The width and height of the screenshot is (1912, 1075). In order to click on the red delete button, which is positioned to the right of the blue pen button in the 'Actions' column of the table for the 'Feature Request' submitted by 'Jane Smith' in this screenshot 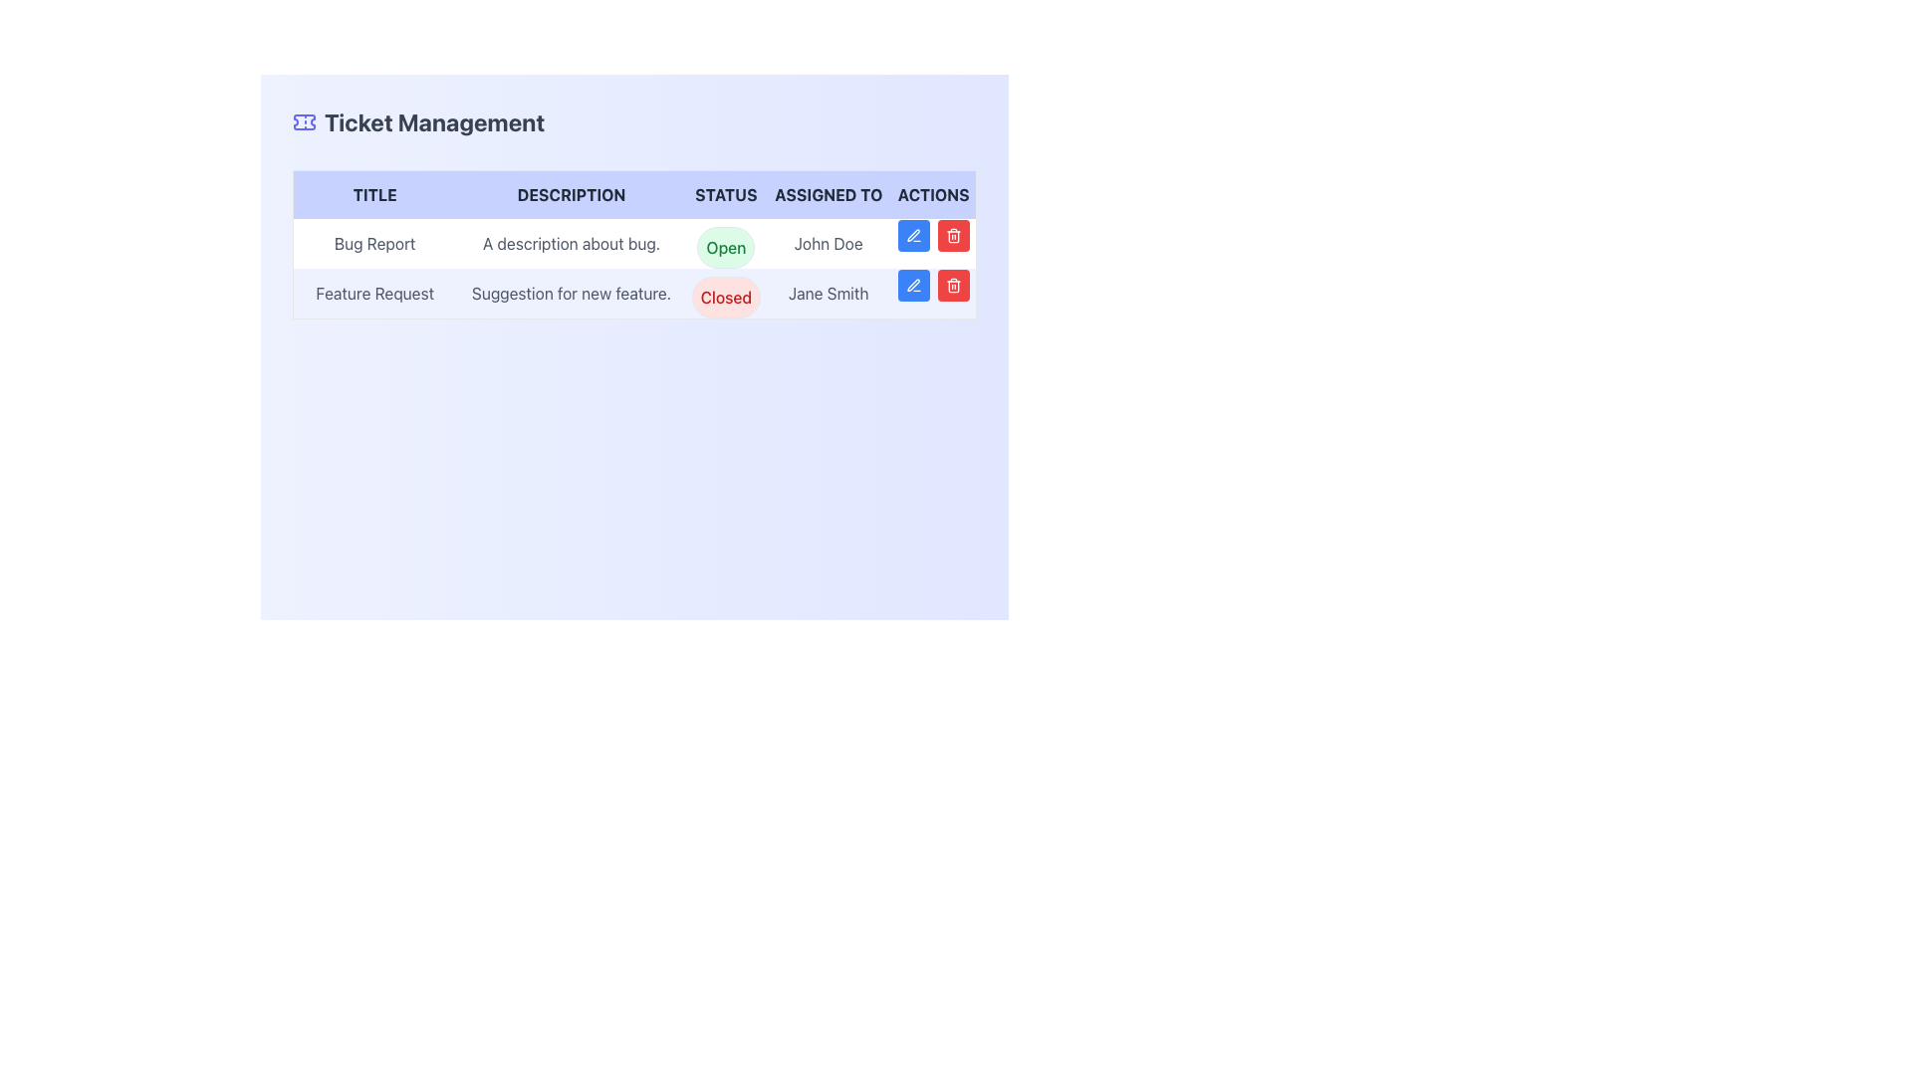, I will do `click(932, 285)`.